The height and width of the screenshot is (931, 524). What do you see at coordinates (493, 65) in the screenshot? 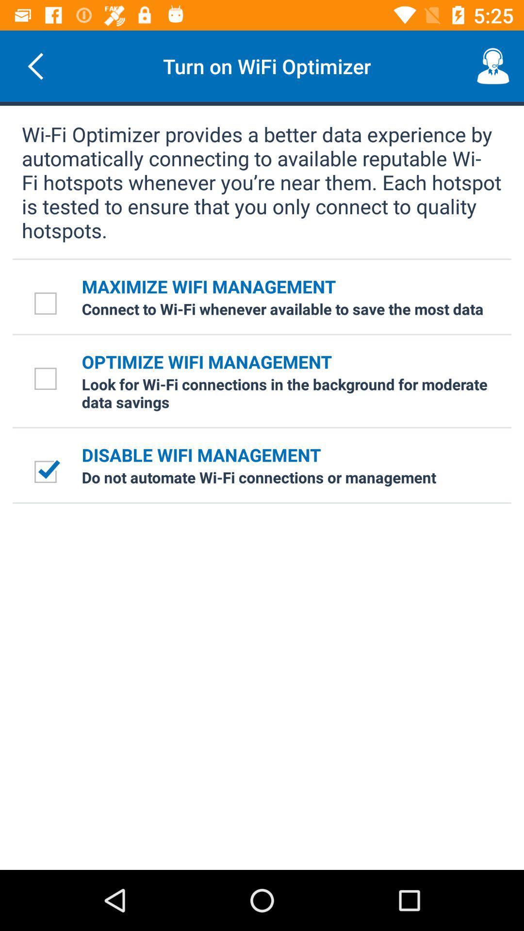
I see `the item to the right of turn on wifi icon` at bounding box center [493, 65].